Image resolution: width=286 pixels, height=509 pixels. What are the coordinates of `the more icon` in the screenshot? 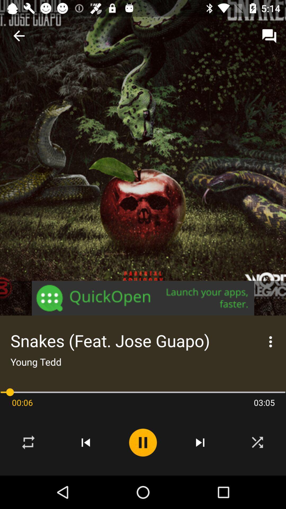 It's located at (271, 342).